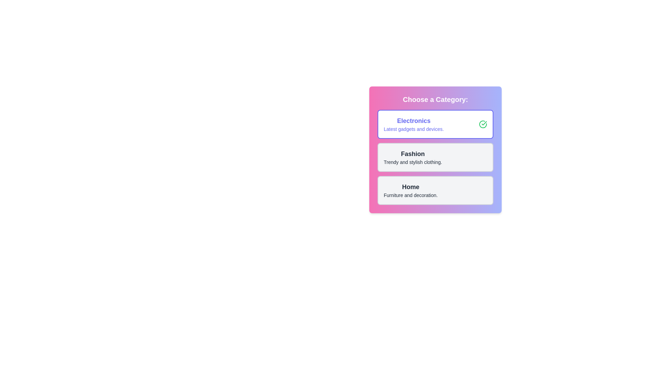 The image size is (662, 372). Describe the element at coordinates (413, 157) in the screenshot. I see `the 'Fashion' title and description element located in the second section of the vertical list` at that location.